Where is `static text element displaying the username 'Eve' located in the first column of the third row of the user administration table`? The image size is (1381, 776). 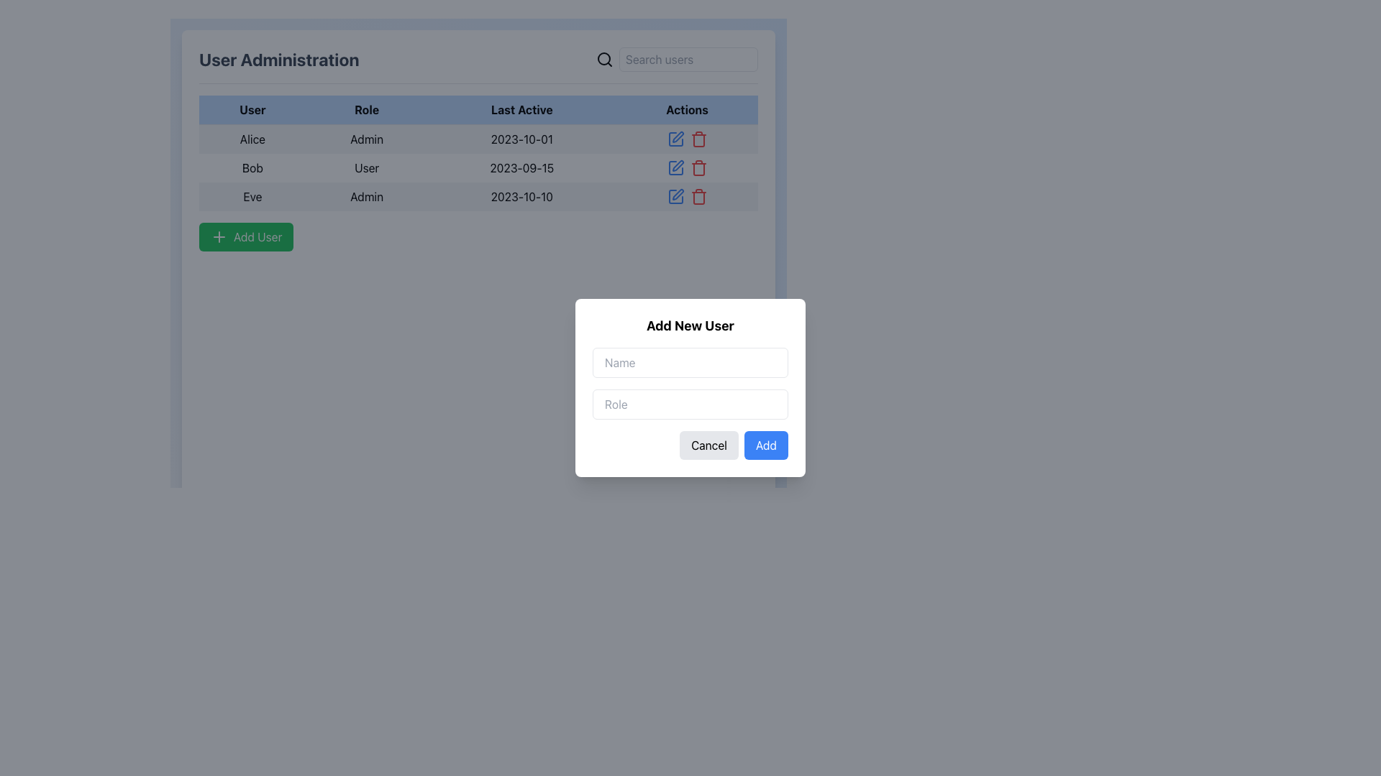 static text element displaying the username 'Eve' located in the first column of the third row of the user administration table is located at coordinates (252, 196).